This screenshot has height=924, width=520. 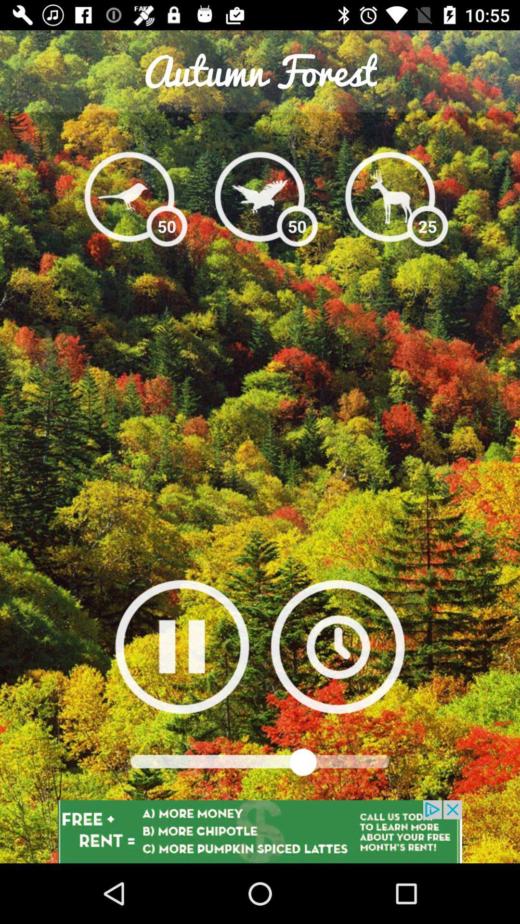 I want to click on pause preview, so click(x=182, y=646).